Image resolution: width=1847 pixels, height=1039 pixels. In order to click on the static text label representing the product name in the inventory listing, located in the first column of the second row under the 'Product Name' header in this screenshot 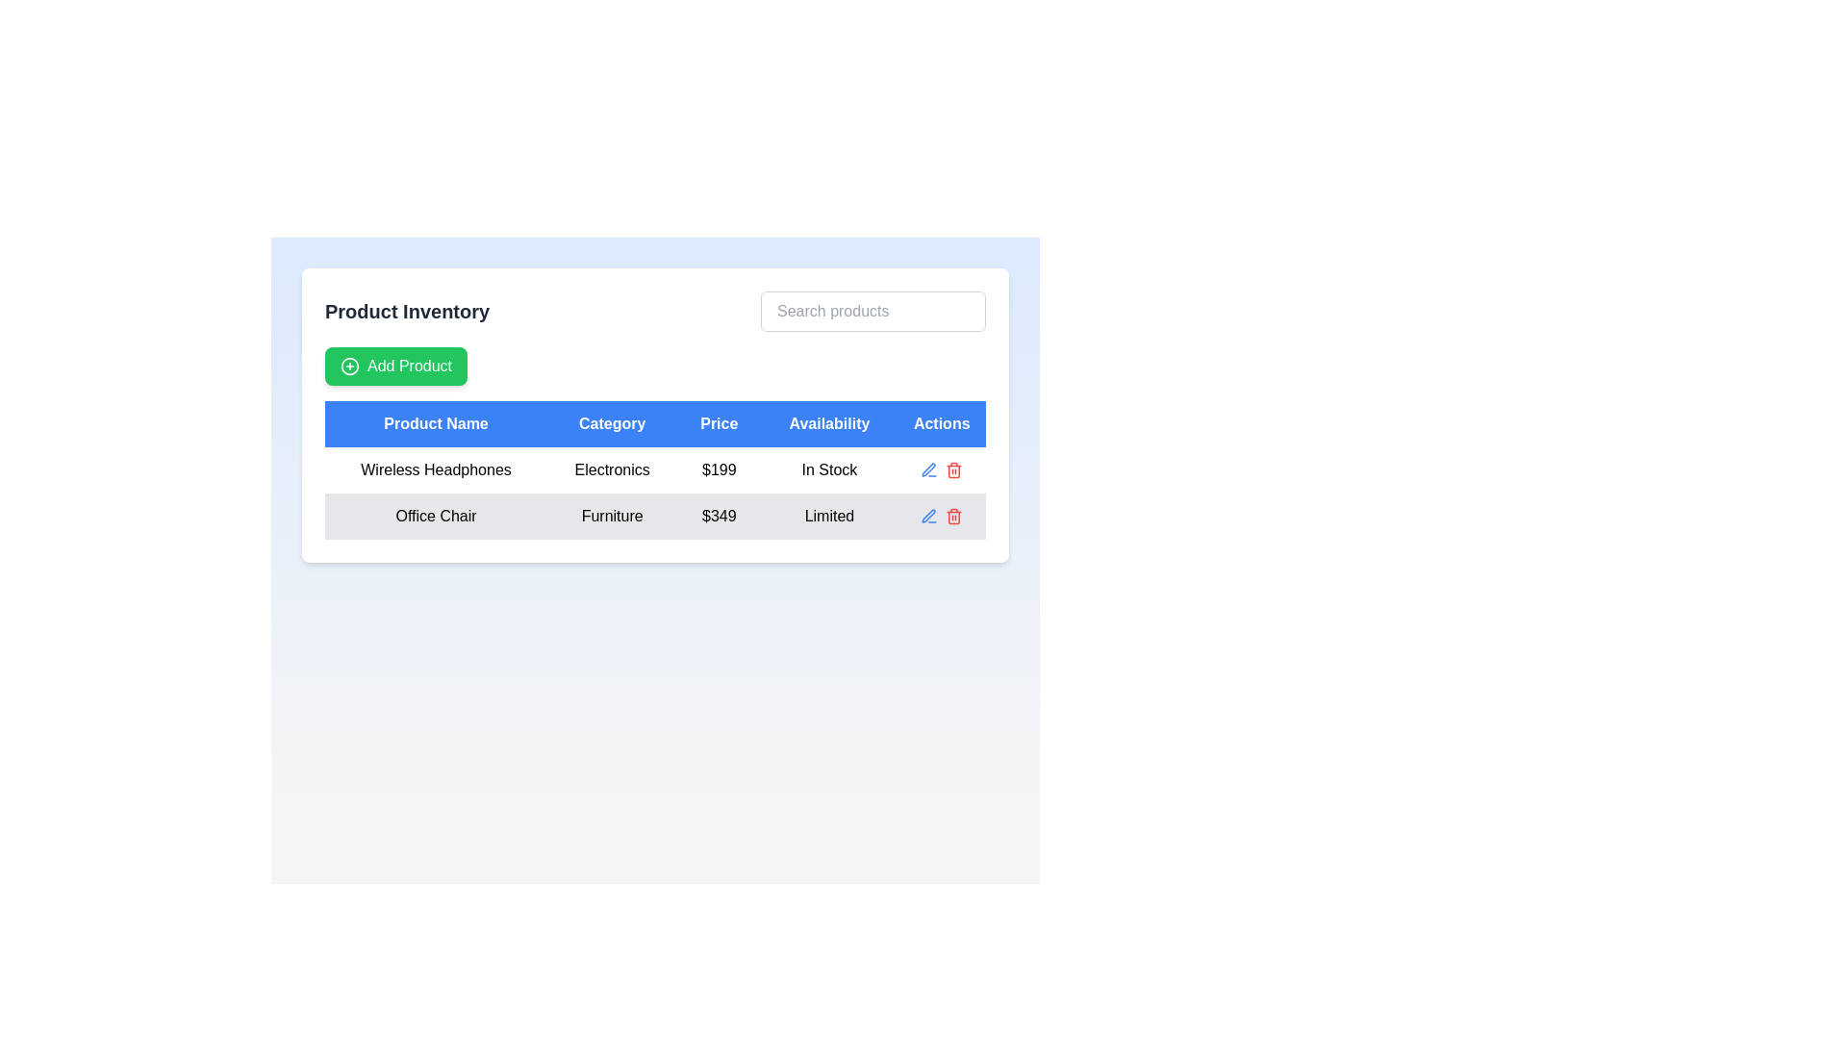, I will do `click(435, 470)`.